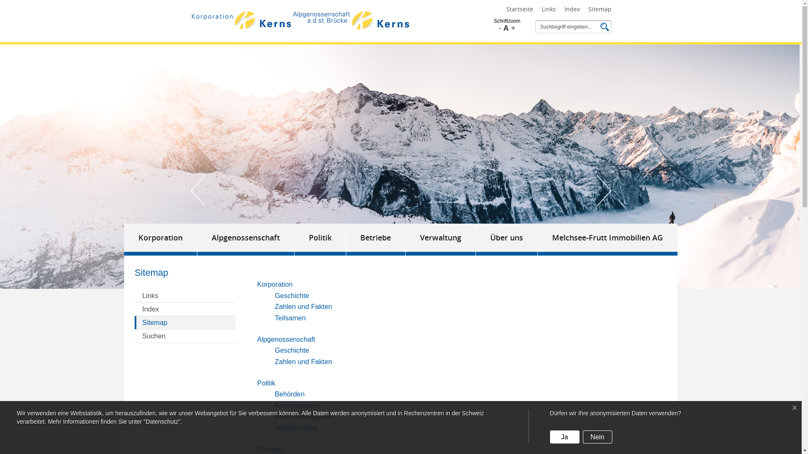  I want to click on 'Sitemap', so click(599, 10).